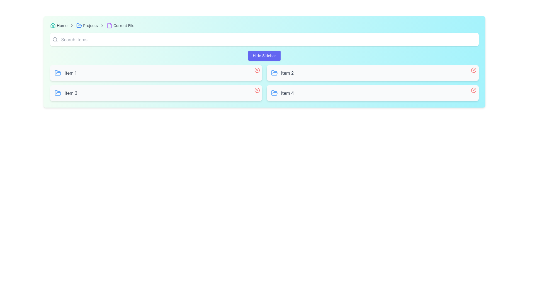 The height and width of the screenshot is (301, 535). I want to click on the close button in the top-right corner of the box containing 'Item 4' to observe the hover effect, so click(473, 90).